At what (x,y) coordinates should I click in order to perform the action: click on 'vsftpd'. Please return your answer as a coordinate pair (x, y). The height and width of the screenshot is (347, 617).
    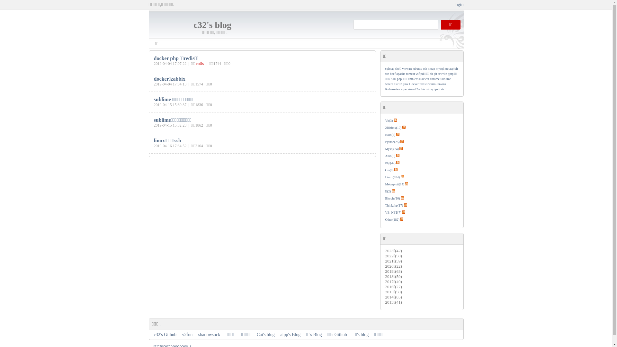
    Looking at the image, I should click on (420, 73).